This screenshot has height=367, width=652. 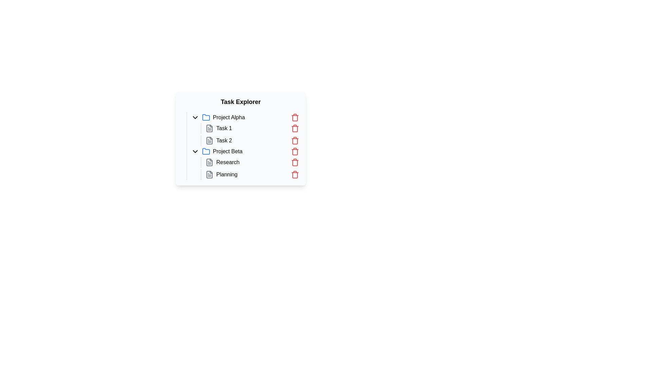 What do you see at coordinates (252, 128) in the screenshot?
I see `the first list item labeled 'Task 1' under 'Project Alpha'` at bounding box center [252, 128].